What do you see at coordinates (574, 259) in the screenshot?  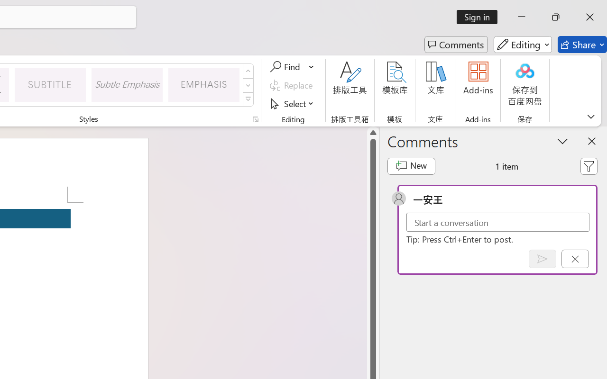 I see `'Cancel'` at bounding box center [574, 259].